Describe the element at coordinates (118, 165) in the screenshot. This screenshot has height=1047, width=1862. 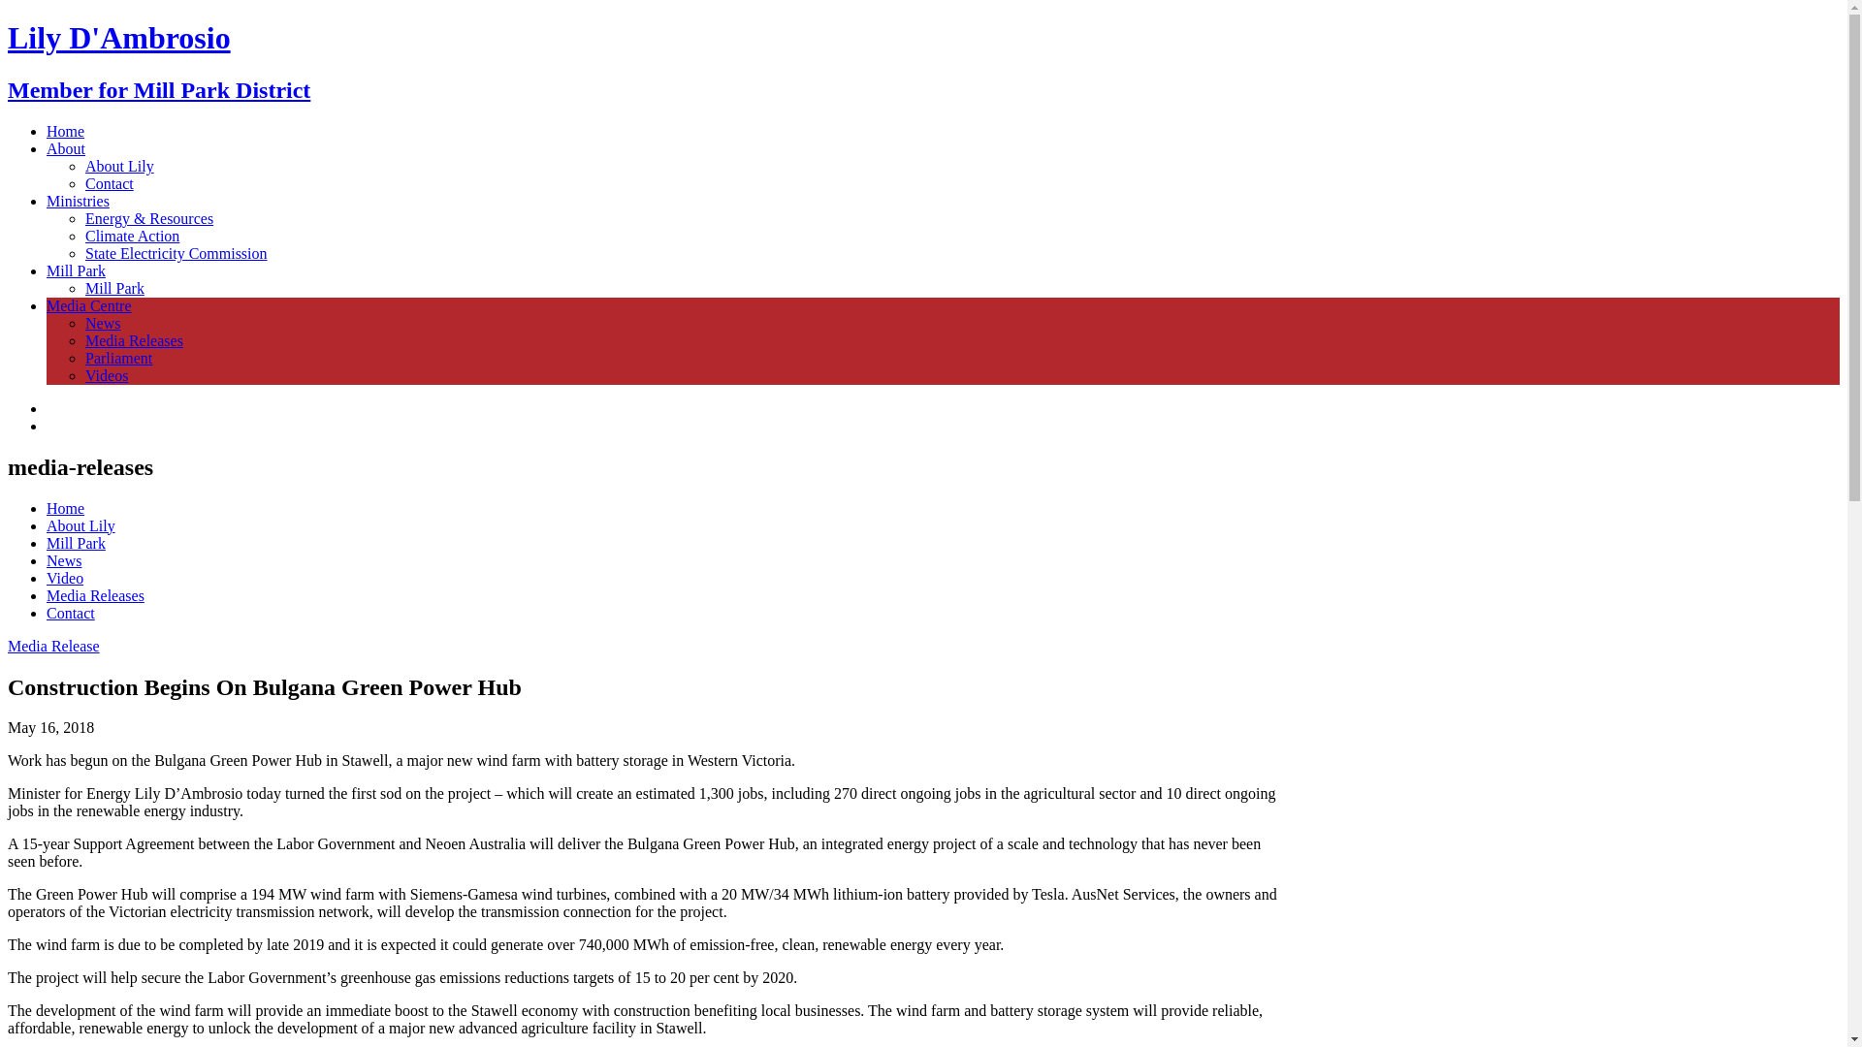
I see `'About Lily'` at that location.